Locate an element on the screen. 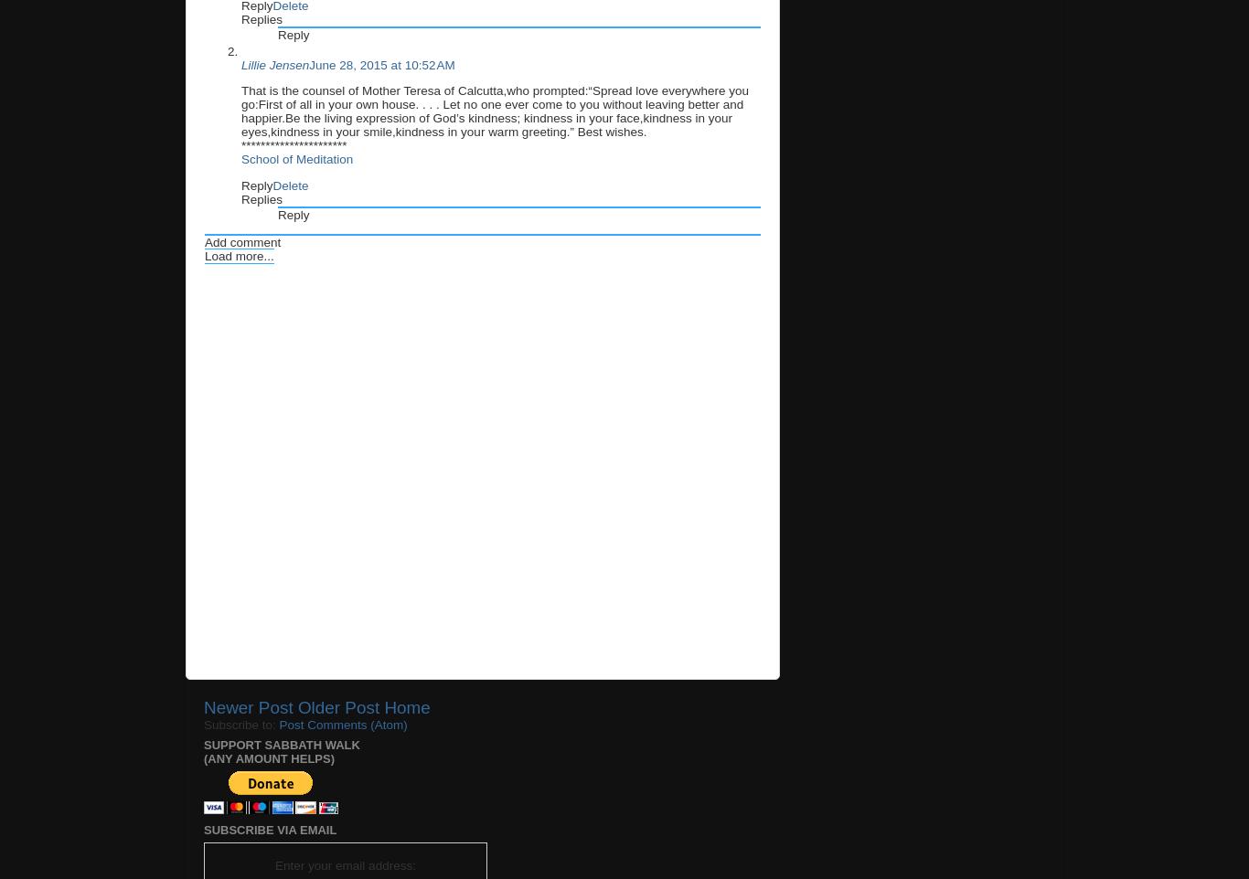 This screenshot has height=879, width=1249. 'That is the counsel of Mother Teresa of Calcutta,who prompted:“Spread love everywhere you go:First of all in your own house. . . . Let no one ever come to you without leaving better and happier.Be the living expression of God’s kindness; kindness in your face,kindness in your eyes,kindness in your smile,kindness in your warm greeting.” Best wishes.' is located at coordinates (495, 110).